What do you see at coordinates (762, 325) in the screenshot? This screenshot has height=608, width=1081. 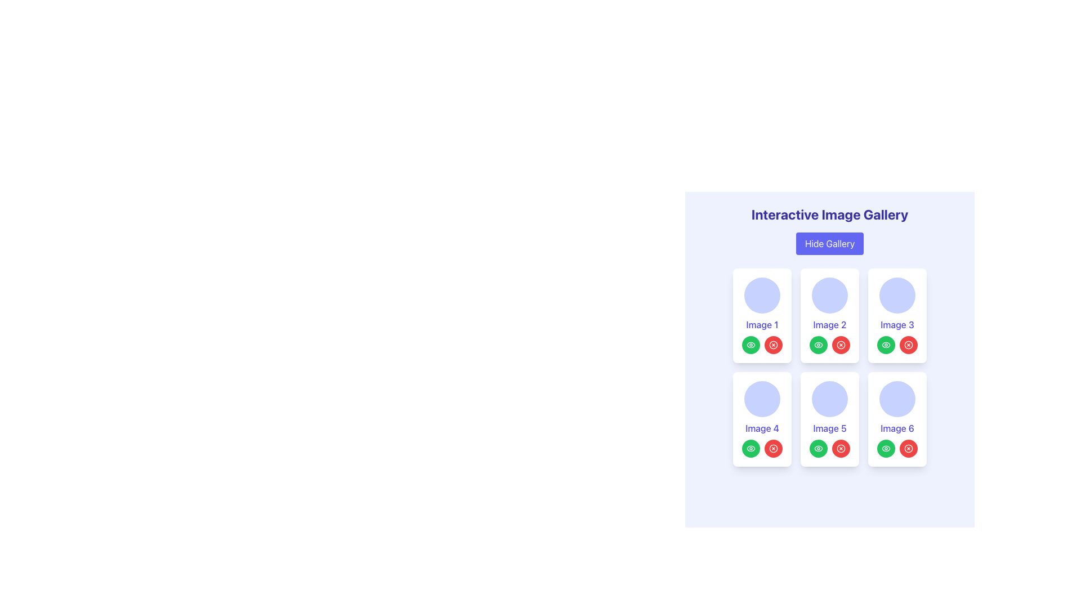 I see `the text label that displays 'Image 1', which is styled in a medium-sized indigo font and located centrally under a circular image placeholder in the upper-left card of a 2x3 grid arrangement` at bounding box center [762, 325].